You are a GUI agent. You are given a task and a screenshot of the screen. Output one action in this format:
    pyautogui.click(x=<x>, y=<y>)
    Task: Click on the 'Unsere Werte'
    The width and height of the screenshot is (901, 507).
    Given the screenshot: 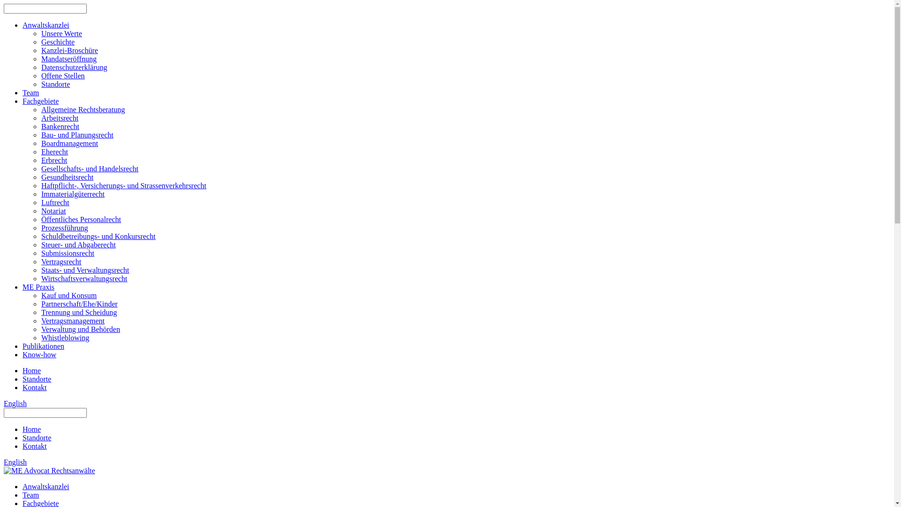 What is the action you would take?
    pyautogui.click(x=61, y=33)
    